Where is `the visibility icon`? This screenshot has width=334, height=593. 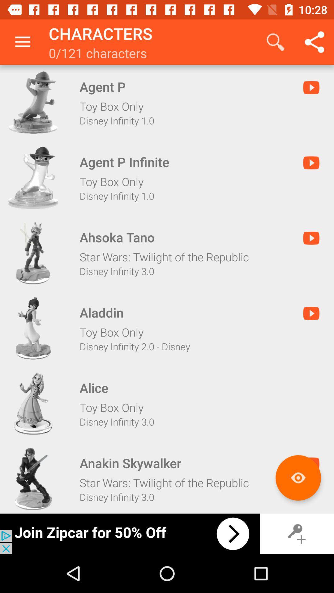 the visibility icon is located at coordinates (298, 477).